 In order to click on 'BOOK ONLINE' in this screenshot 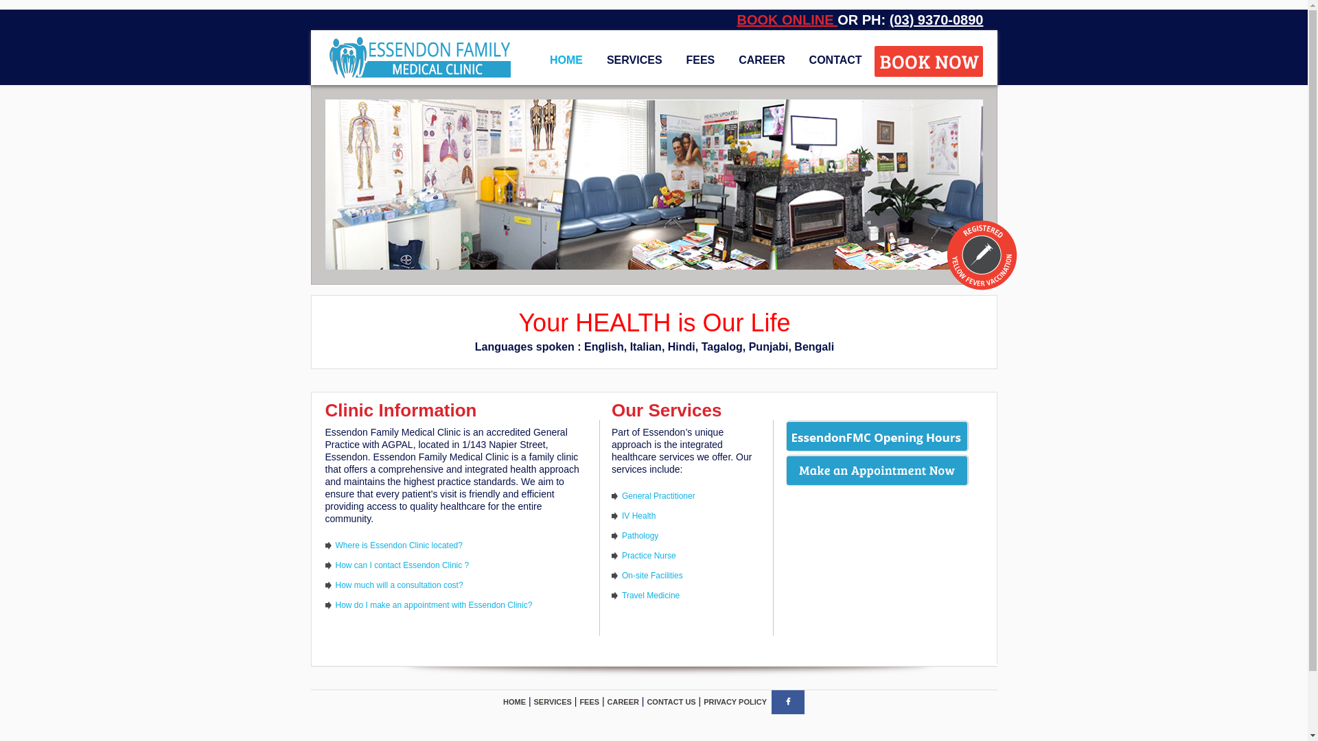, I will do `click(787, 20)`.